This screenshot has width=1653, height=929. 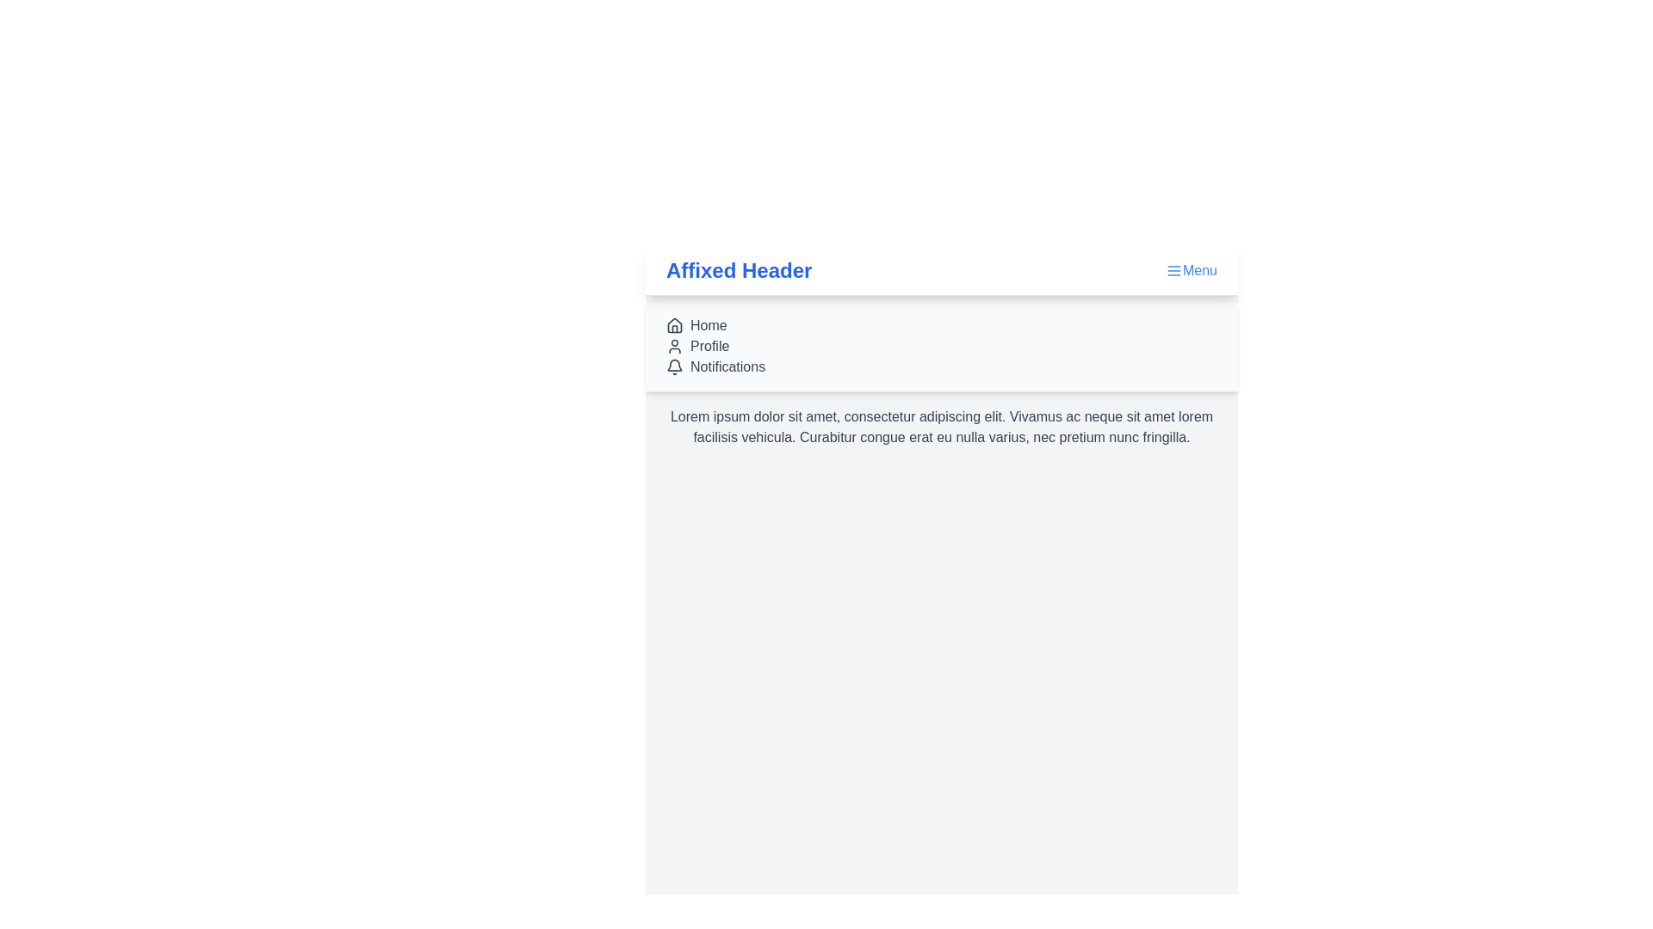 What do you see at coordinates (739, 271) in the screenshot?
I see `the static text label that identifies the current section or purpose of the page, positioned in the sticky header to the left of the 'Menu' element` at bounding box center [739, 271].